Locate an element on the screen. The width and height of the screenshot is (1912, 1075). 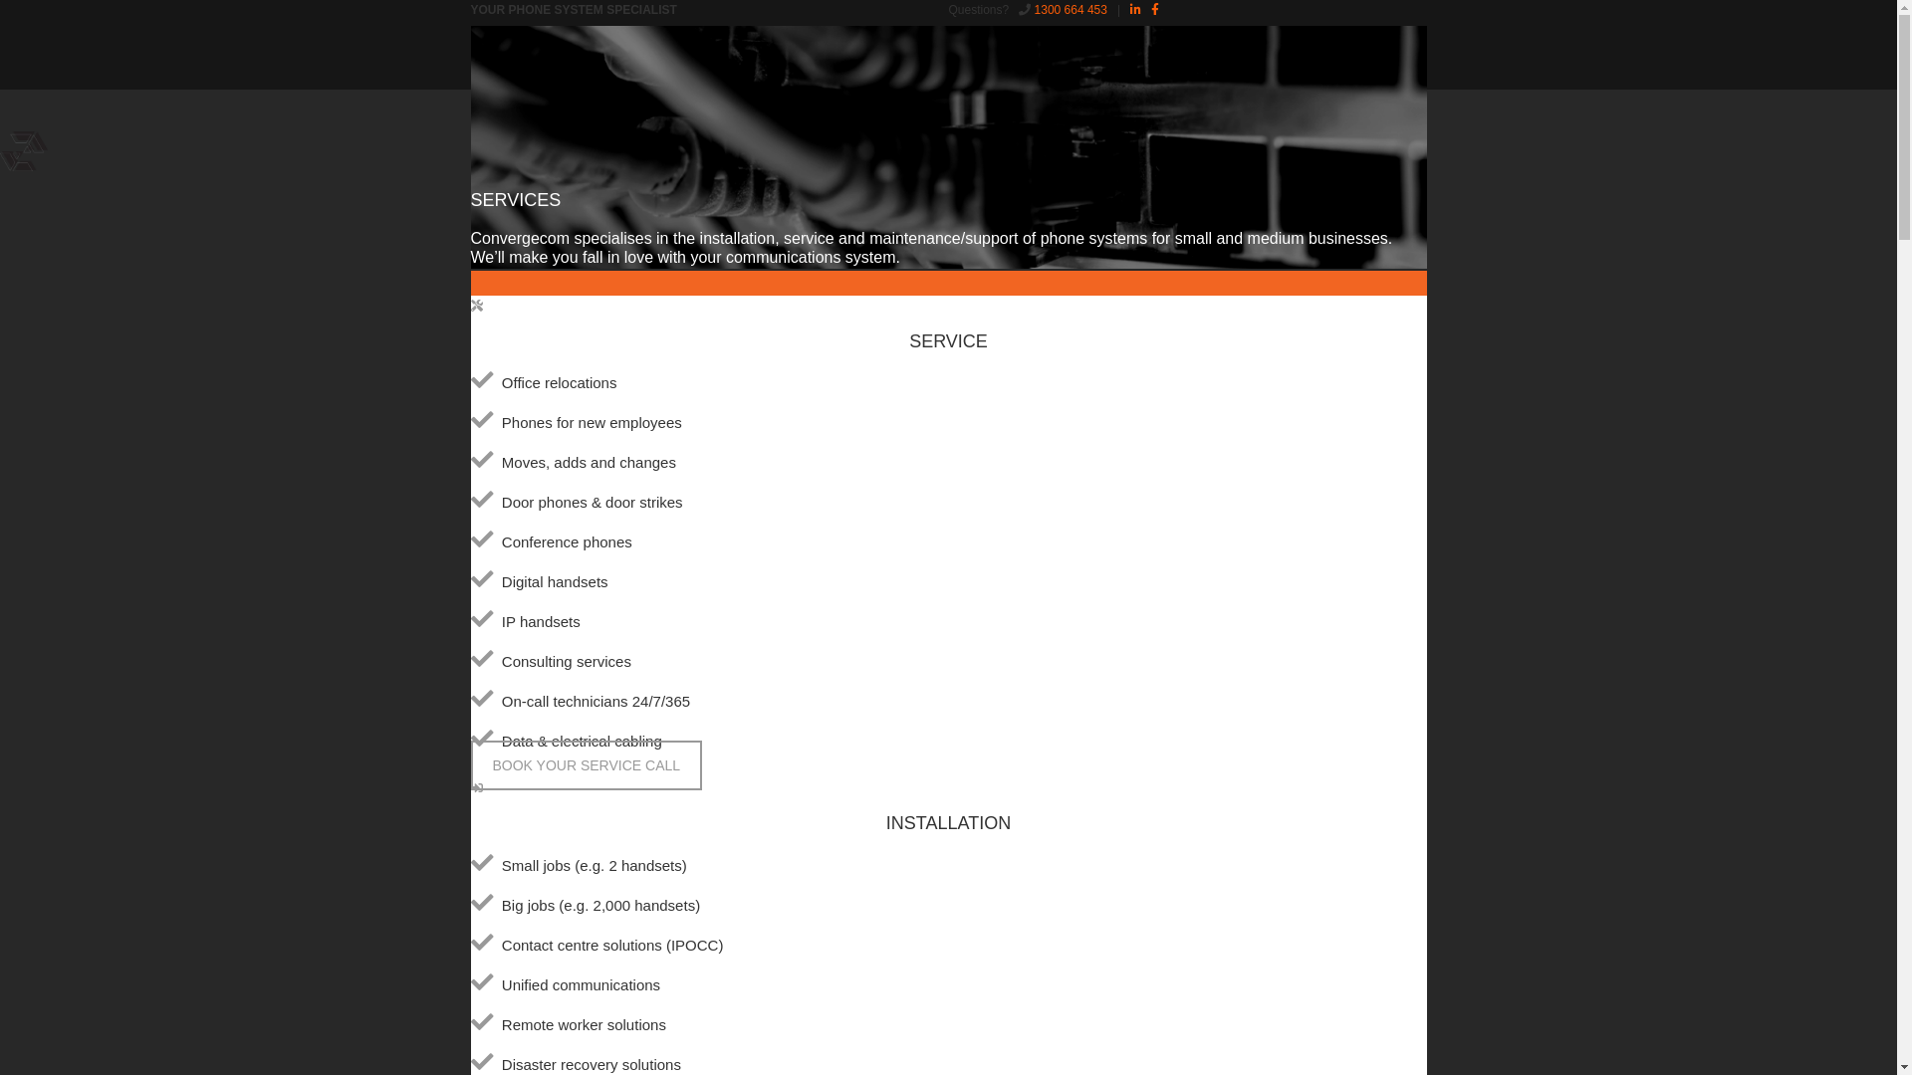
'Click here for is located at coordinates (1066, 88).